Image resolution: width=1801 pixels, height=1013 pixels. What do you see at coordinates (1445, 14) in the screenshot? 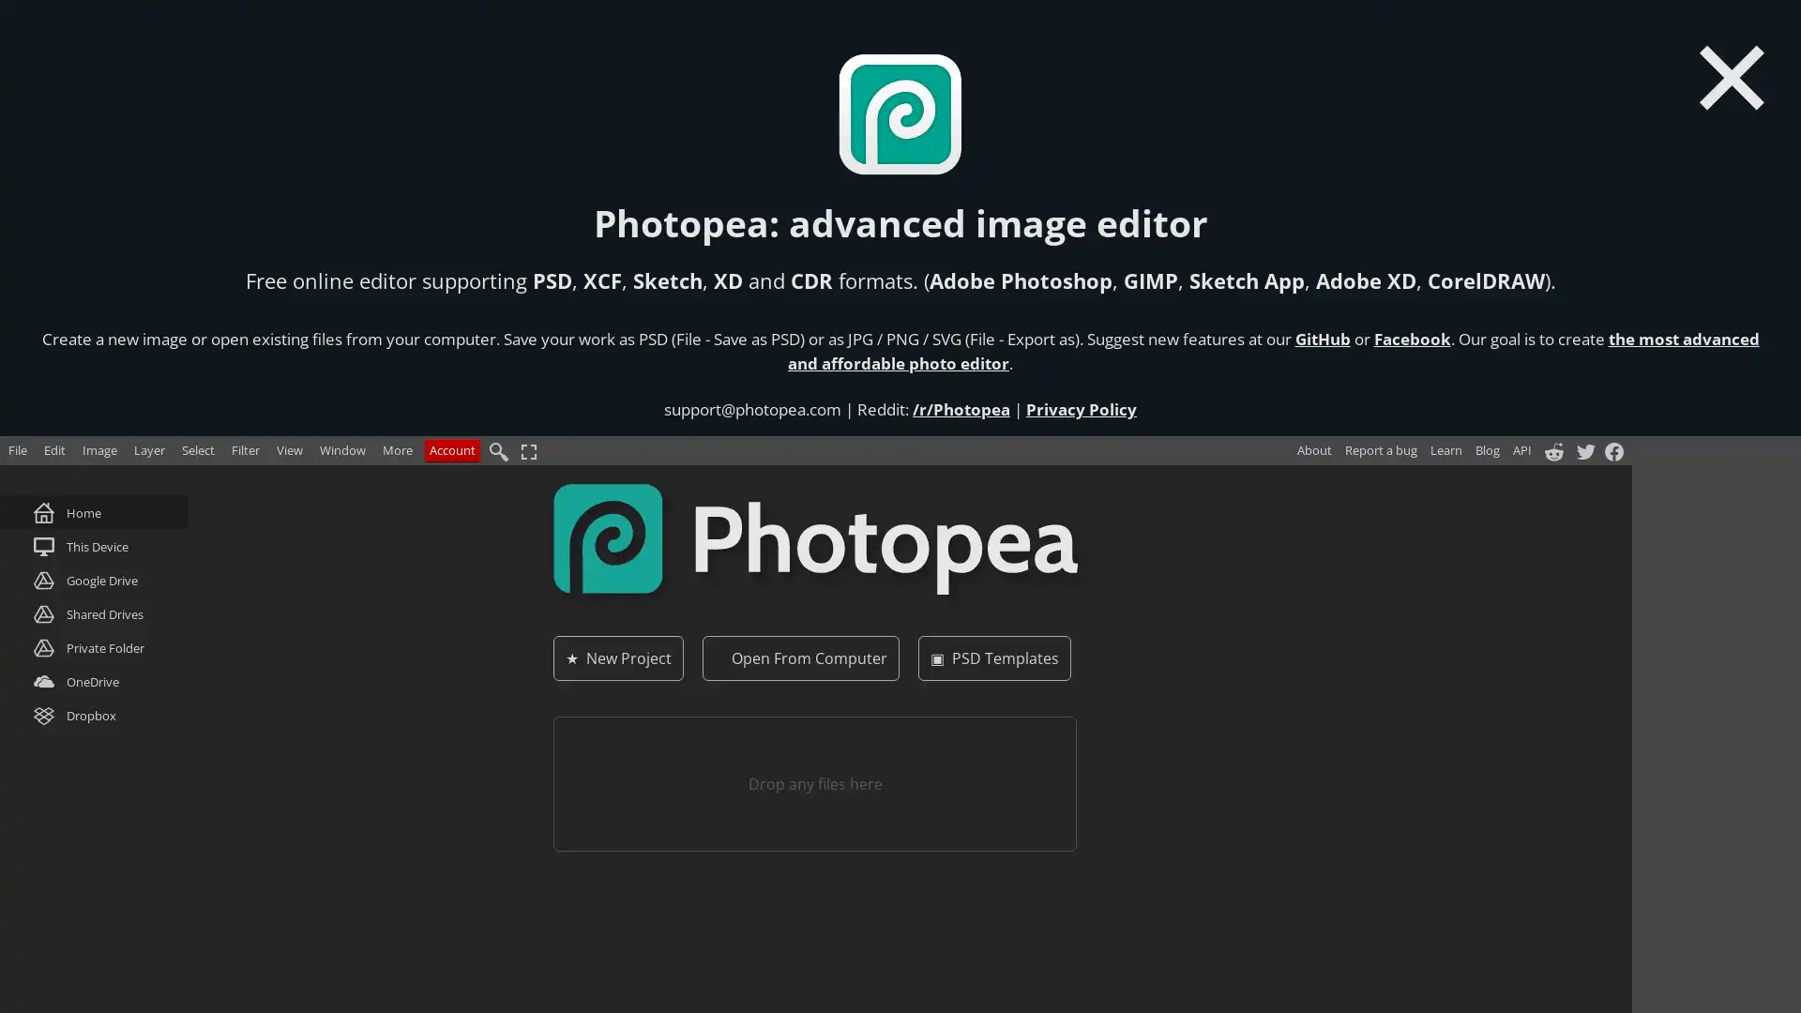
I see `Learn` at bounding box center [1445, 14].